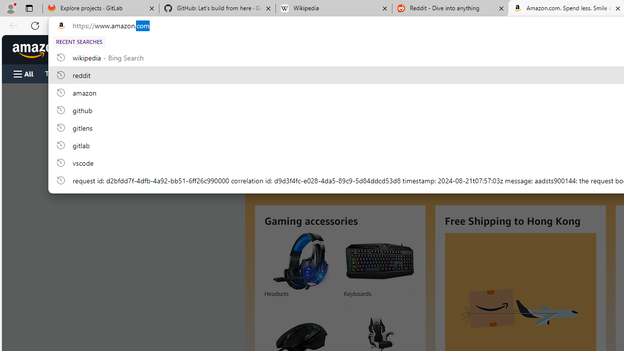  I want to click on 'Open Menu', so click(23, 73).